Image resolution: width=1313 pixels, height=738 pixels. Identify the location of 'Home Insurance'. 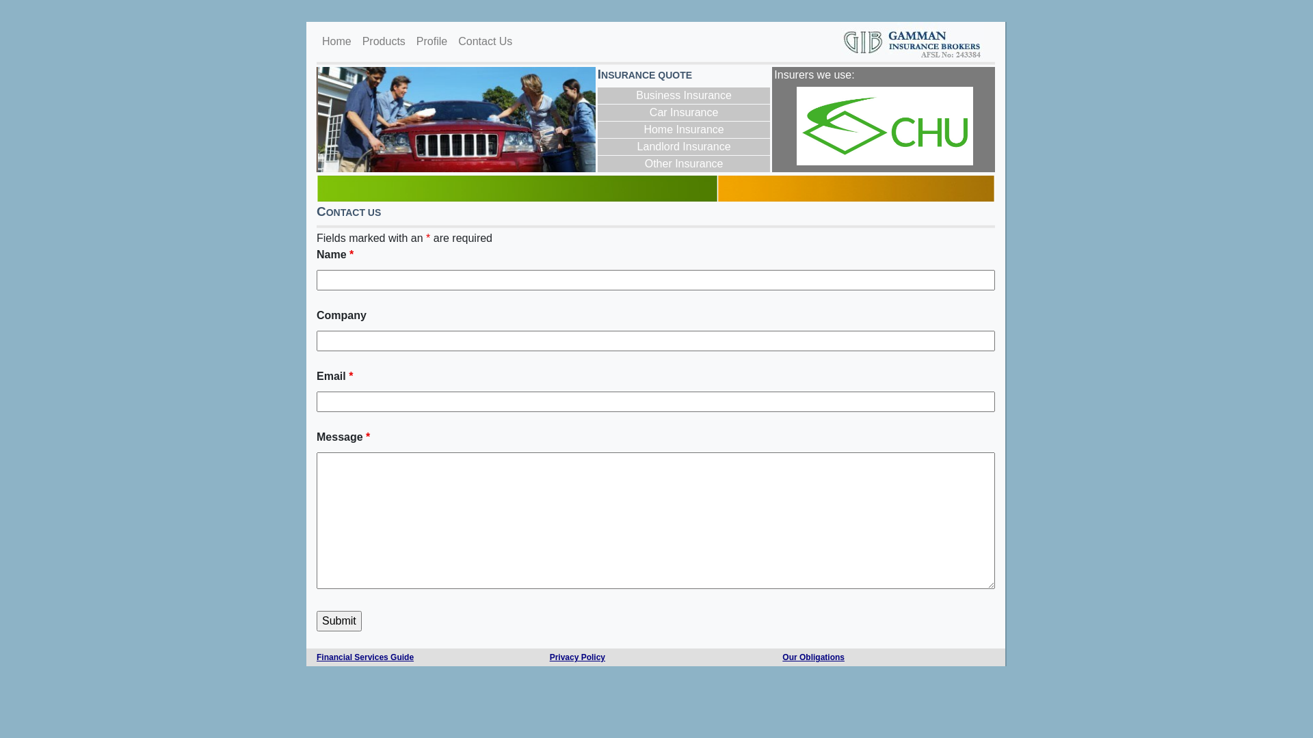
(684, 129).